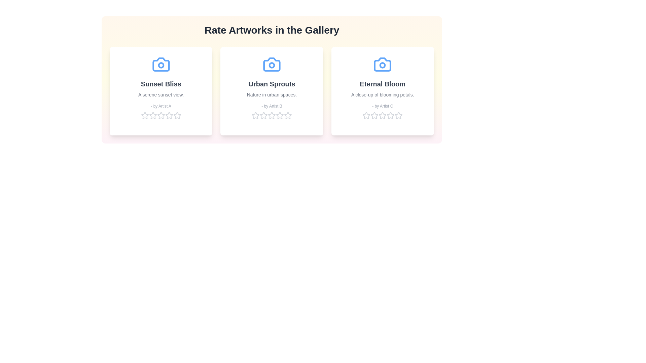 The height and width of the screenshot is (363, 646). Describe the element at coordinates (144, 115) in the screenshot. I see `the star corresponding to 1 for the artwork 'Sunset Bliss' to set its rating` at that location.